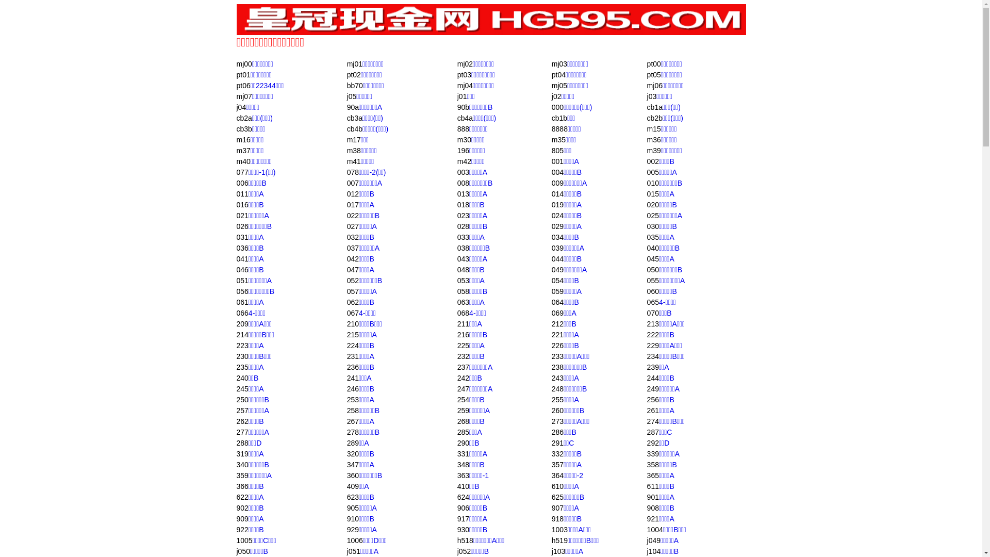 Image resolution: width=990 pixels, height=557 pixels. I want to click on 'm36', so click(653, 139).